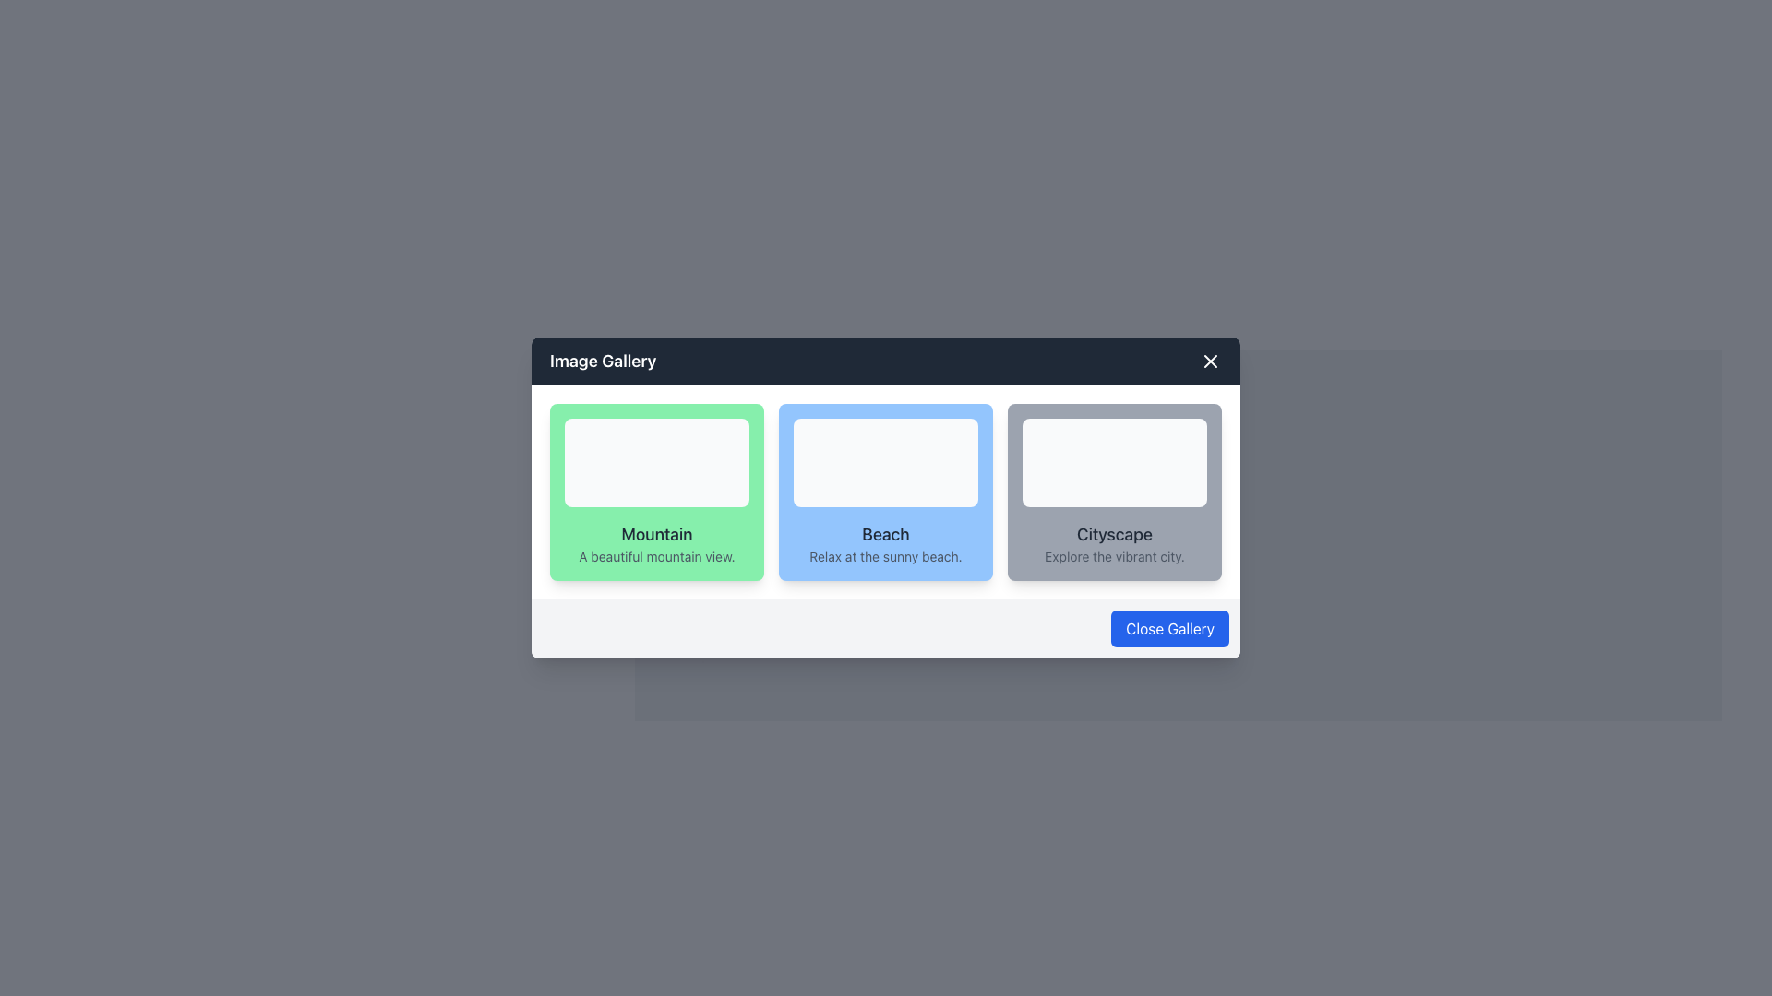 The image size is (1772, 996). I want to click on the 'Cityscape' informational card located in the third column of the grid, positioned to the right of the 'Beach' element and below the 'Image Gallery' title bar, so click(1114, 491).